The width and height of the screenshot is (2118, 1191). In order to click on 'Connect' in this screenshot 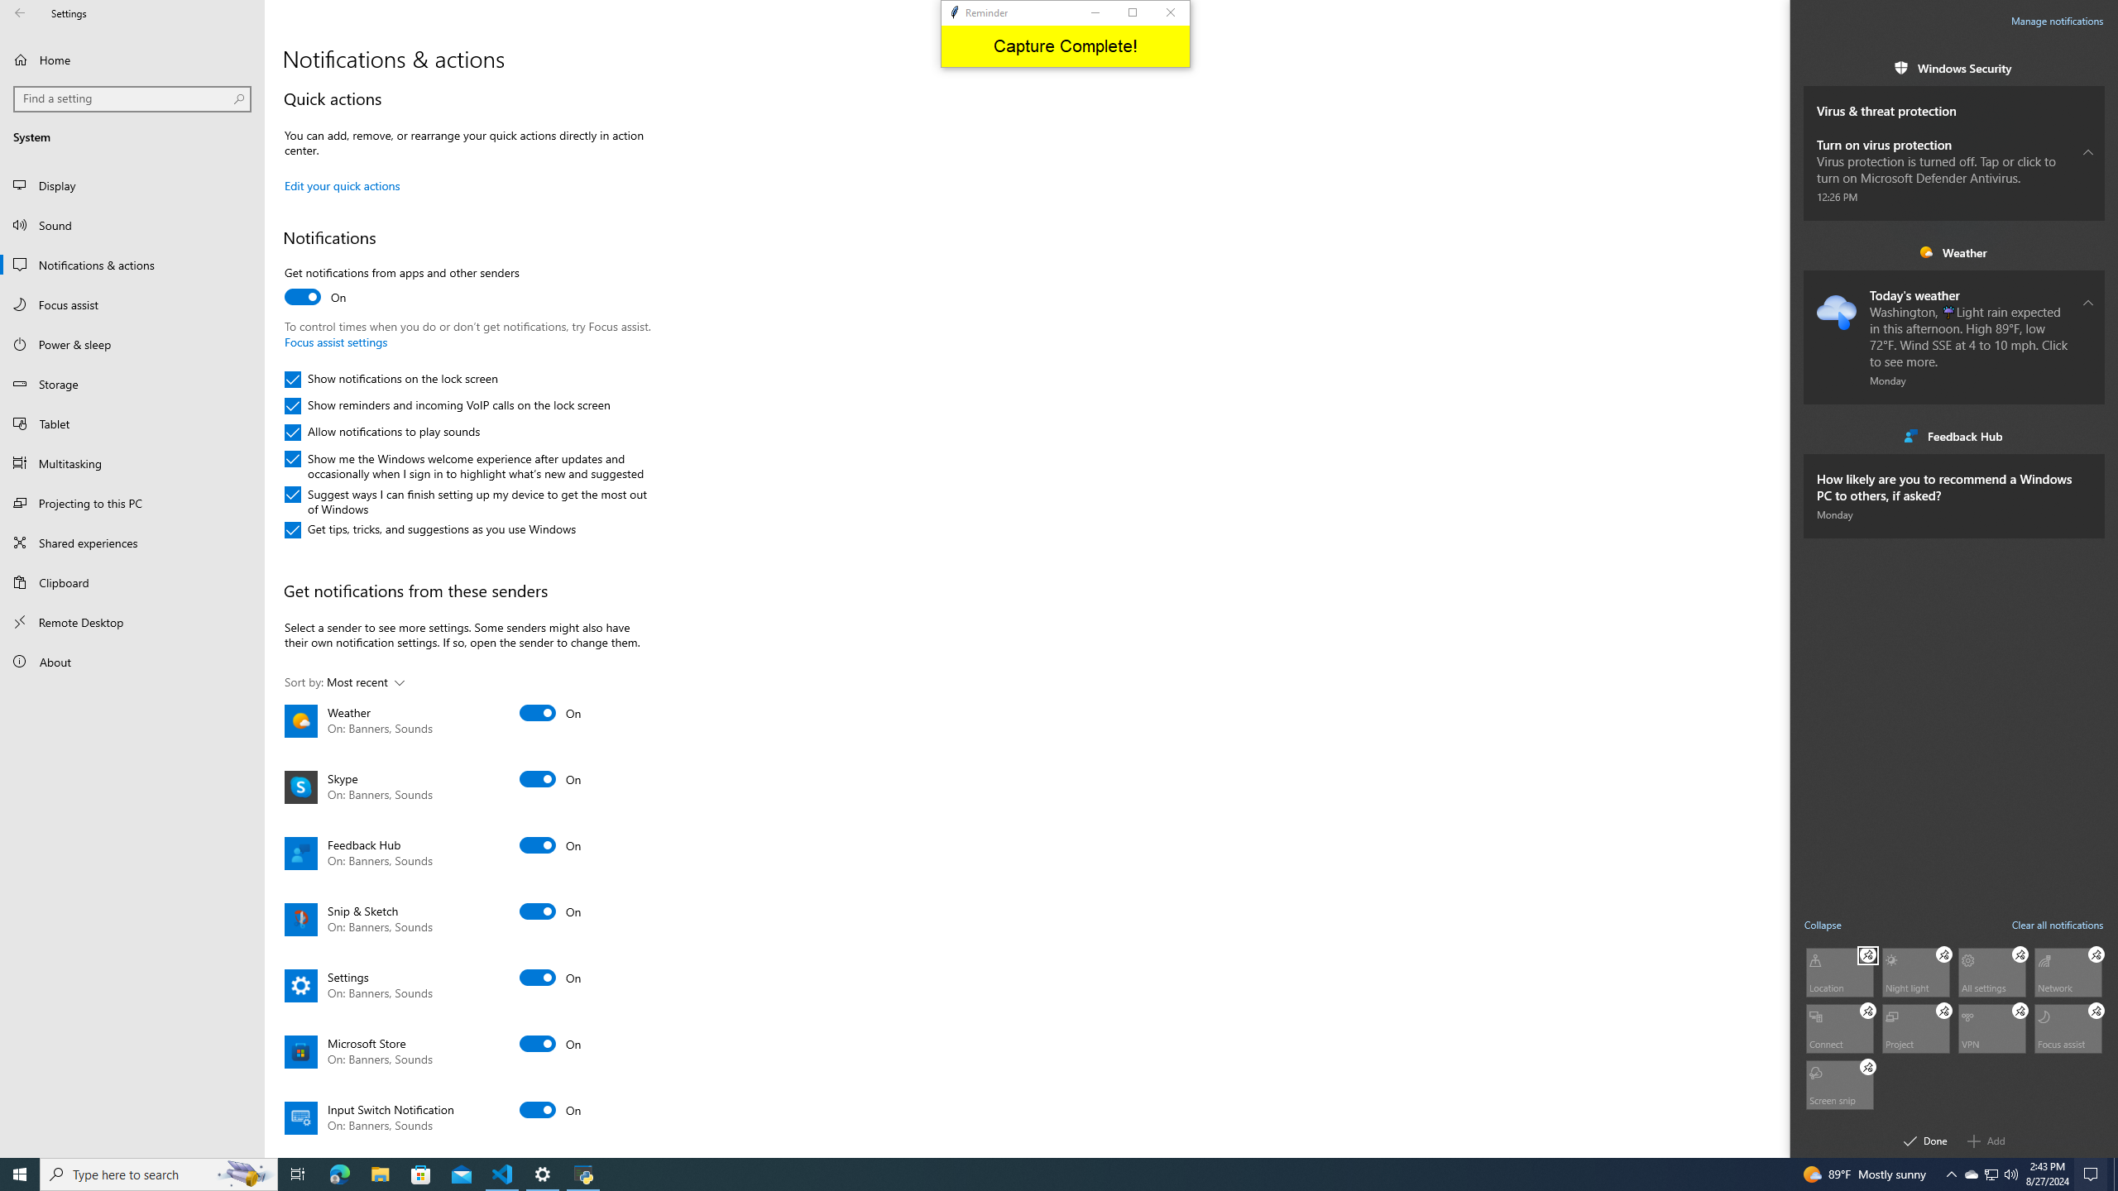, I will do `click(1838, 1026)`.